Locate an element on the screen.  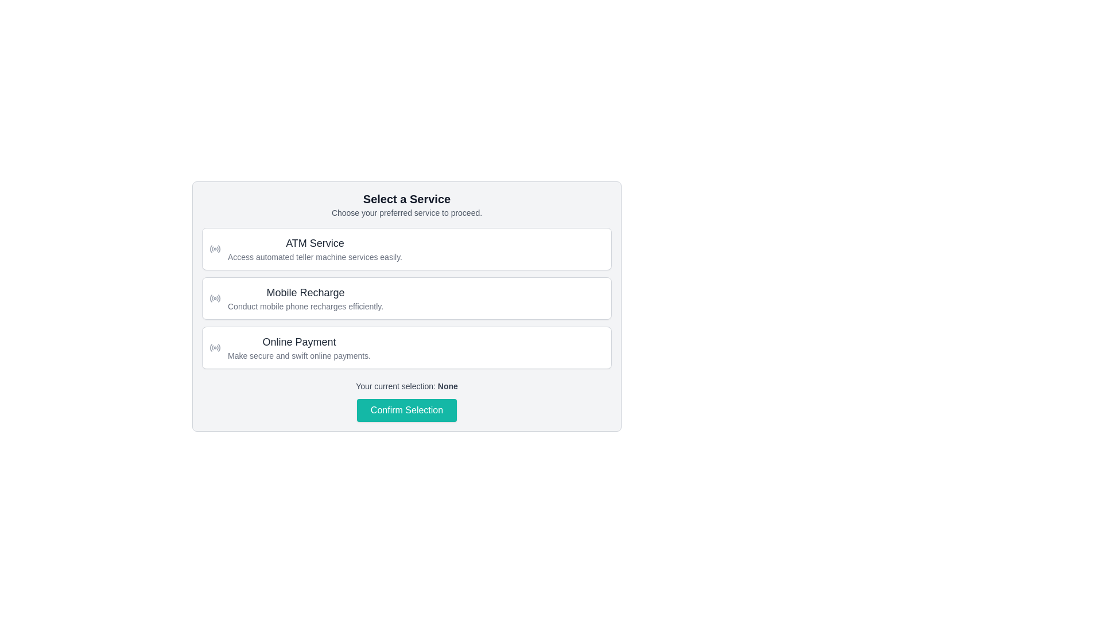
the decorative icon representing the radio button for selecting the 'ATM Service' option located in the top-left section of the first row under 'Select a Service' is located at coordinates (211, 249).